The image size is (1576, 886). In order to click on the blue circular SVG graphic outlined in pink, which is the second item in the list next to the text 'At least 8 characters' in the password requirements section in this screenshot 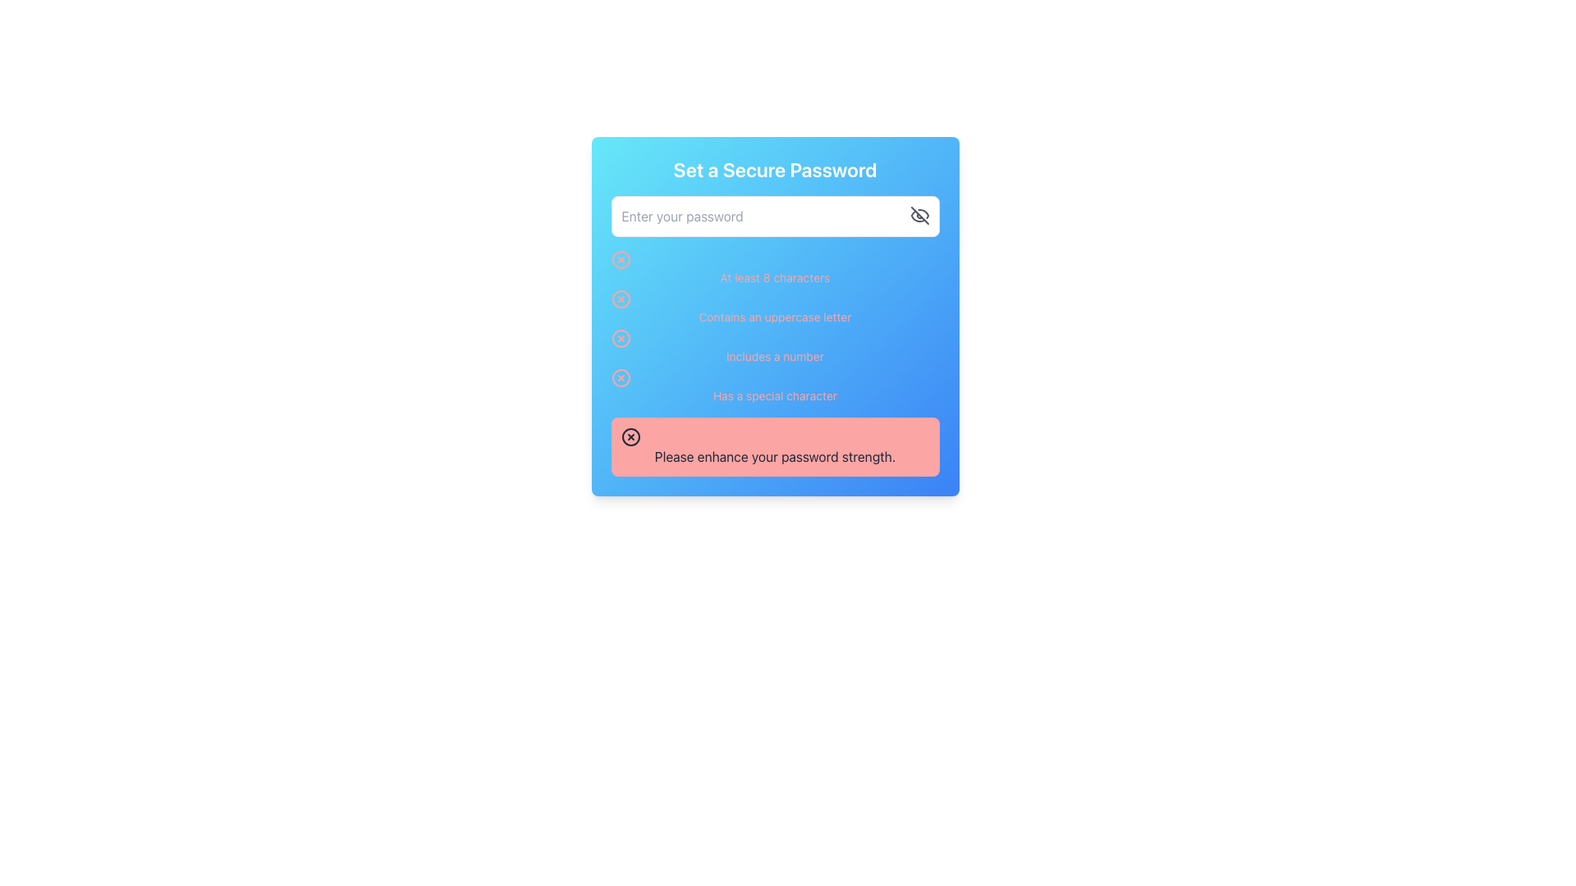, I will do `click(620, 299)`.